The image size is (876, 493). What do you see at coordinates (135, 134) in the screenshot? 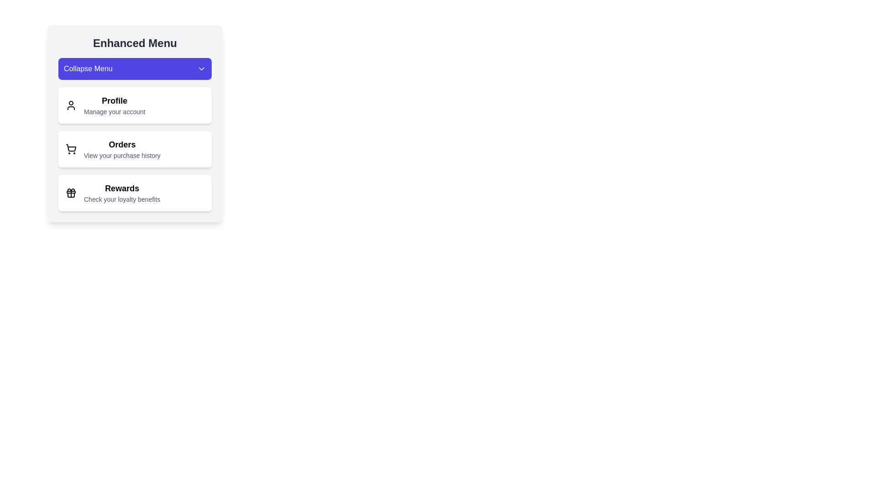
I see `the 'Orders' section in the dropdown menu titled 'Enhanced Menu'` at bounding box center [135, 134].